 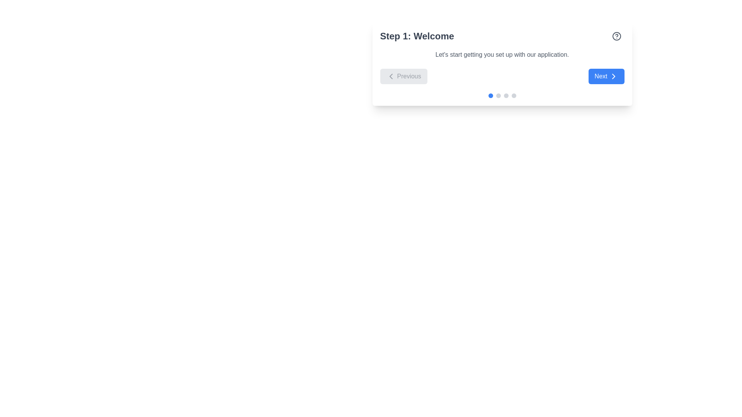 I want to click on the right-facing chevron shaped arrow SVG icon located at the right side of the 'Next' button in the bottom-right section of the panel, so click(x=613, y=76).